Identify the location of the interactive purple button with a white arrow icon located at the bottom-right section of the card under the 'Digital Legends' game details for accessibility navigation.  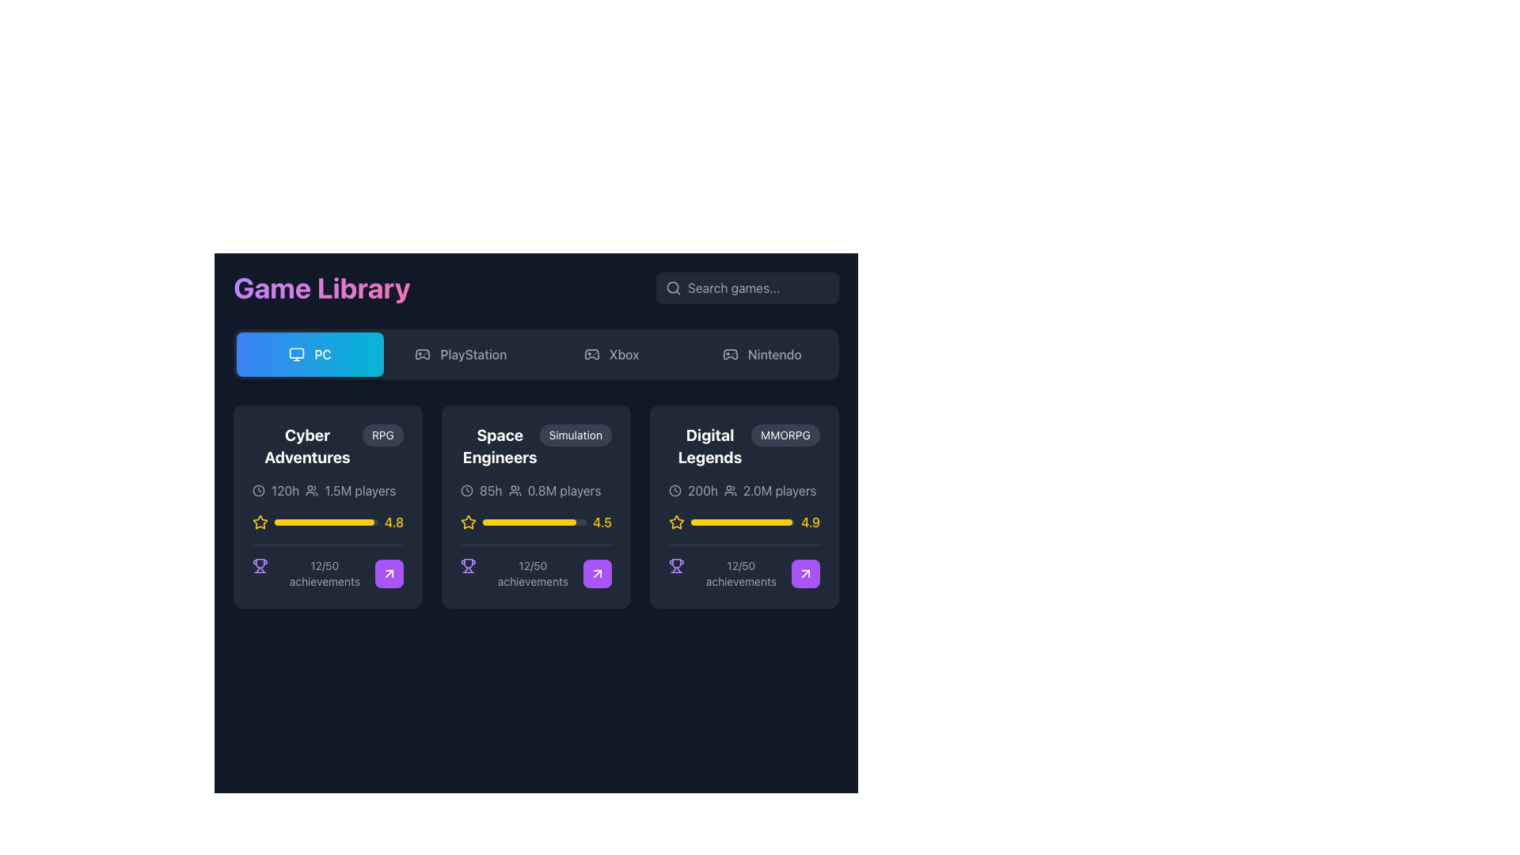
(805, 574).